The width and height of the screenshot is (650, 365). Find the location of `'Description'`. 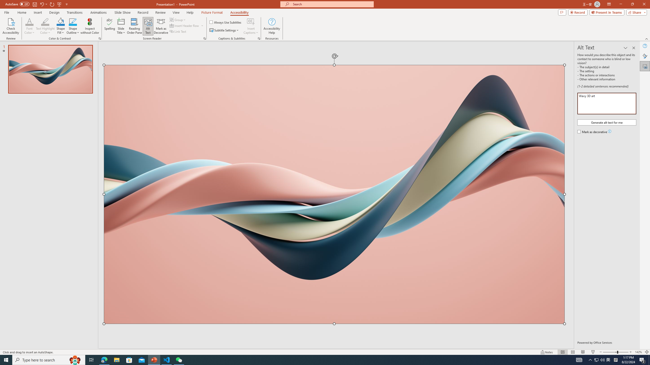

'Description' is located at coordinates (606, 103).